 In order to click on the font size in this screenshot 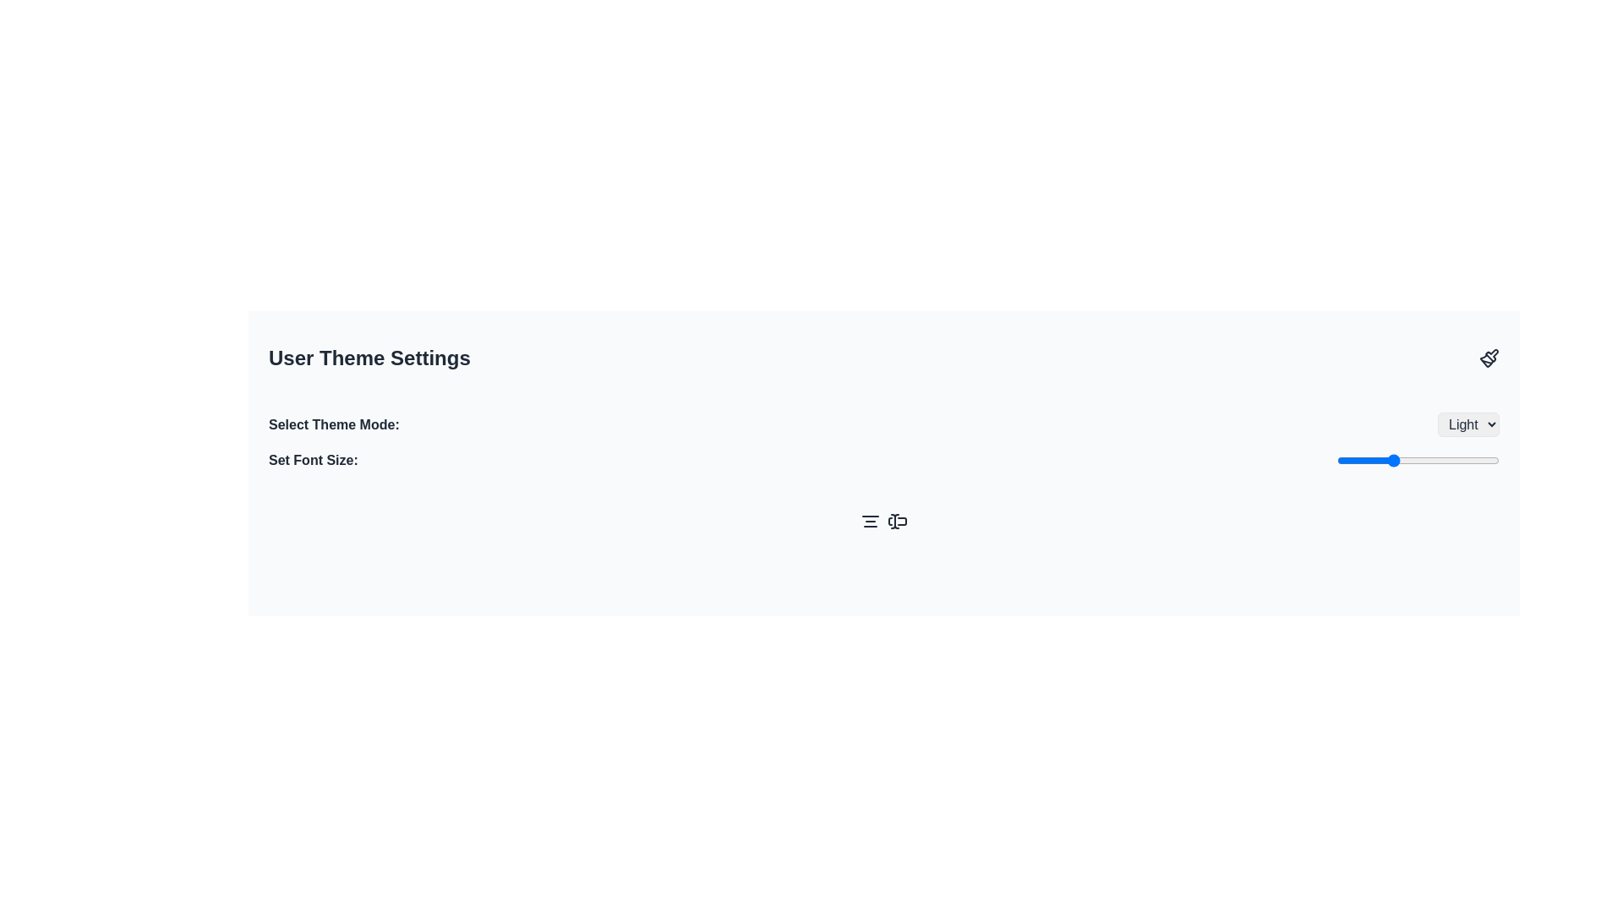, I will do `click(1431, 460)`.